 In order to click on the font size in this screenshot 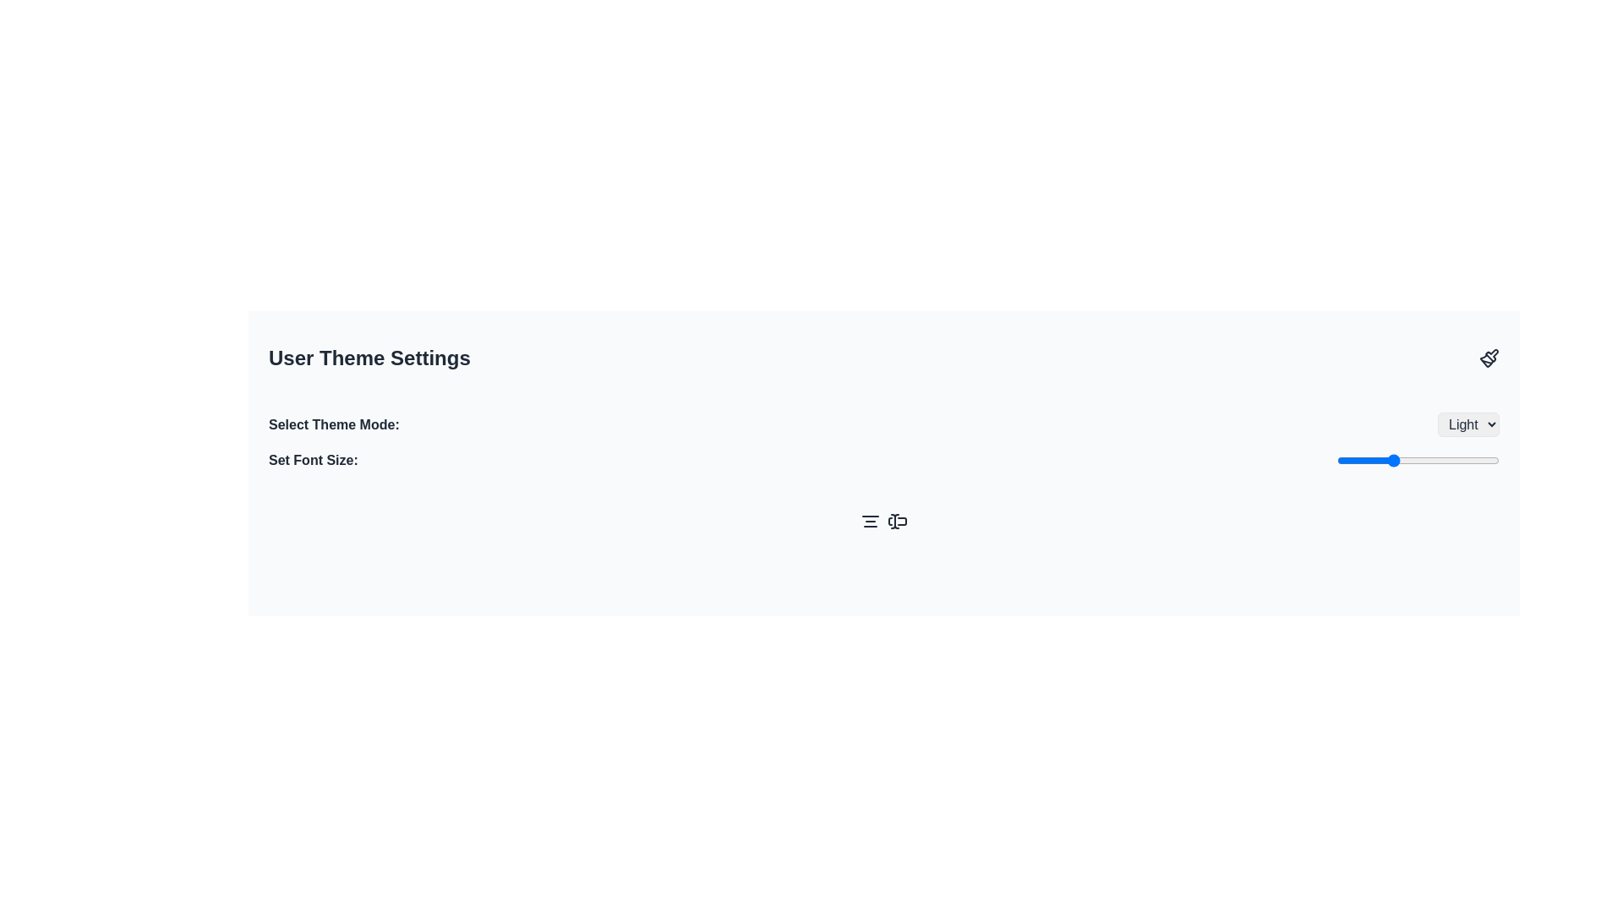, I will do `click(1431, 460)`.